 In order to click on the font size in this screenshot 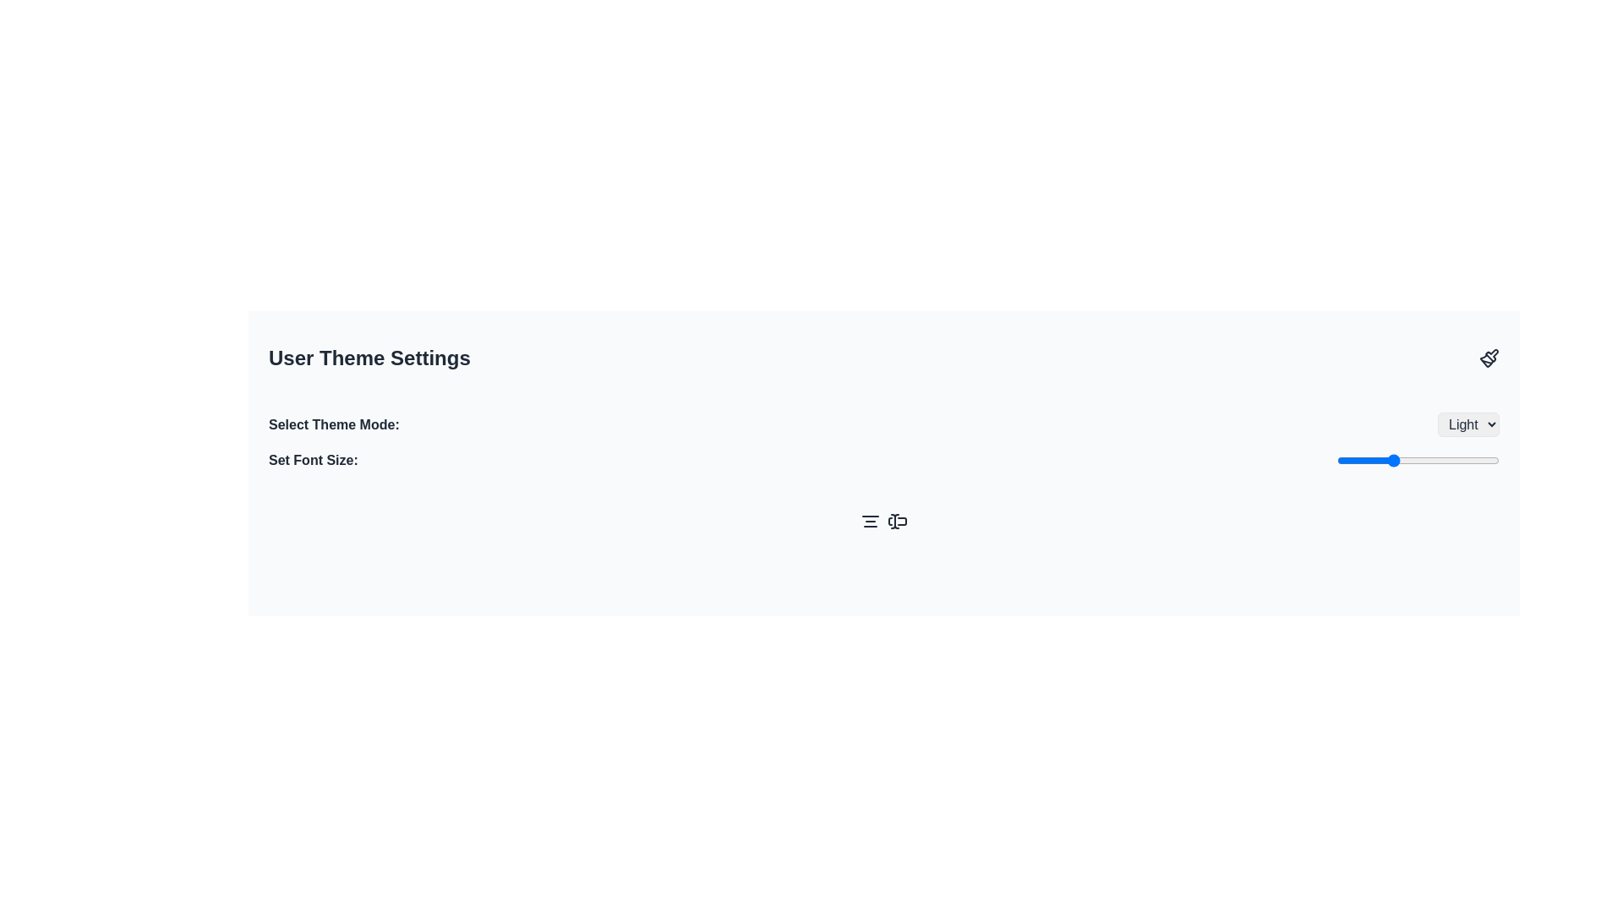, I will do `click(1431, 460)`.